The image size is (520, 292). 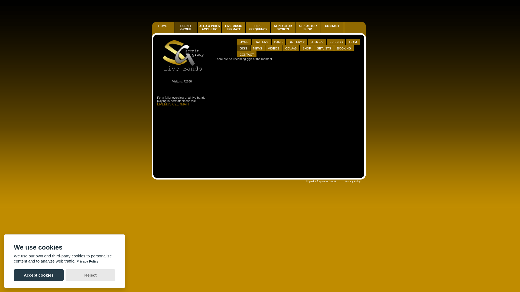 What do you see at coordinates (317, 41) in the screenshot?
I see `'HISTORY'` at bounding box center [317, 41].